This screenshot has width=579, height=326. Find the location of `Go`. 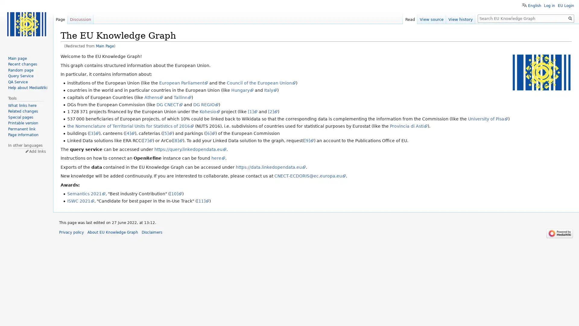

Go is located at coordinates (570, 18).